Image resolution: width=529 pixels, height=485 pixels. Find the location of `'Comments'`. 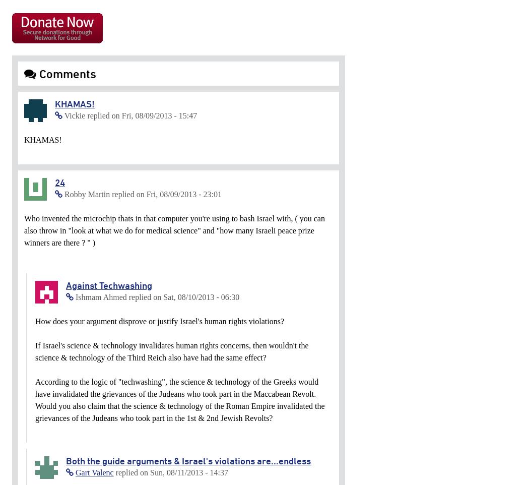

'Comments' is located at coordinates (65, 74).